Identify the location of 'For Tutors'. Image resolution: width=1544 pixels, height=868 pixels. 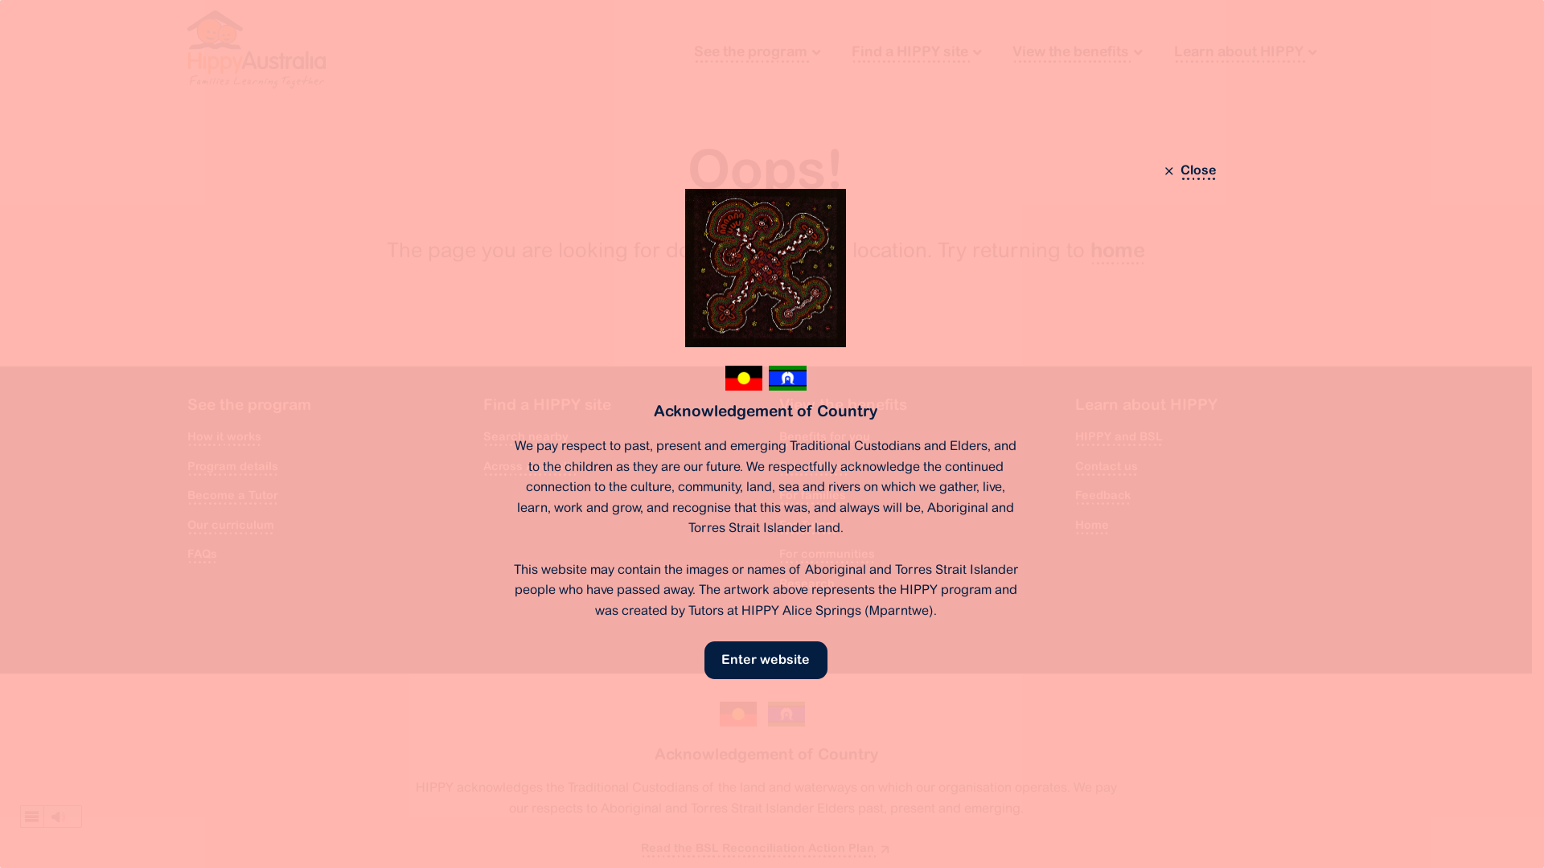
(807, 526).